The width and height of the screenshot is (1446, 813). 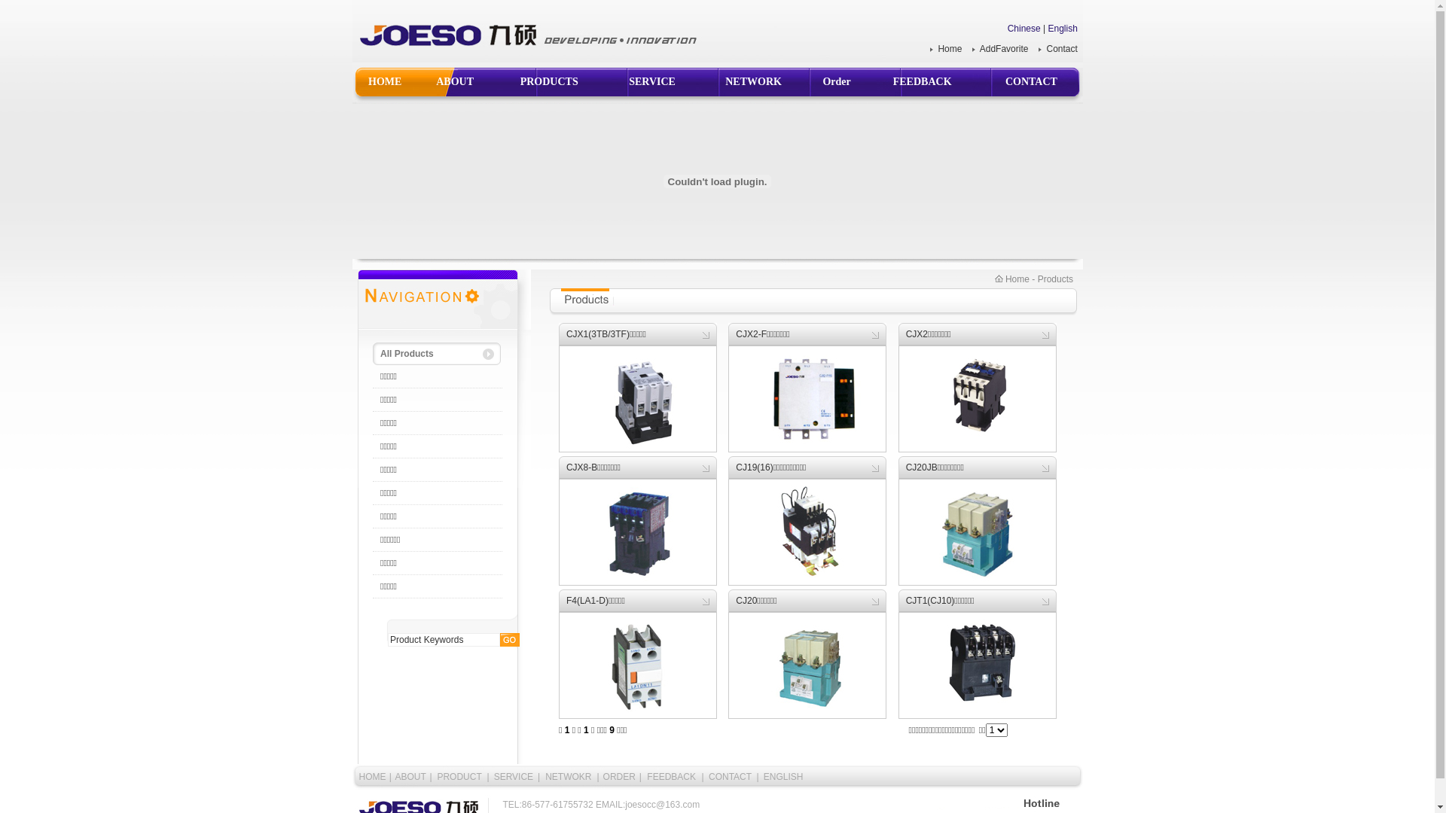 What do you see at coordinates (670, 777) in the screenshot?
I see `'FEEDBACK'` at bounding box center [670, 777].